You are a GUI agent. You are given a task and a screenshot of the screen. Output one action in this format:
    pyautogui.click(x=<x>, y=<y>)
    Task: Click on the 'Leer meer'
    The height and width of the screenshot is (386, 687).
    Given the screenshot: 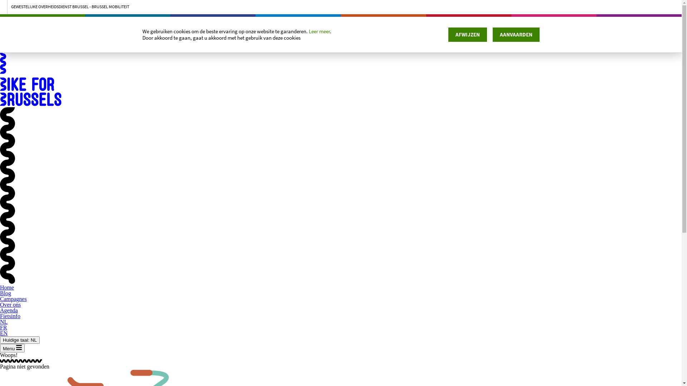 What is the action you would take?
    pyautogui.click(x=318, y=31)
    